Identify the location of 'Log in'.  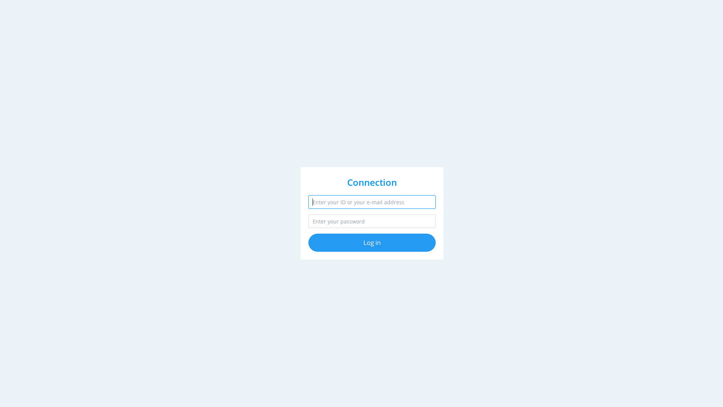
(372, 243).